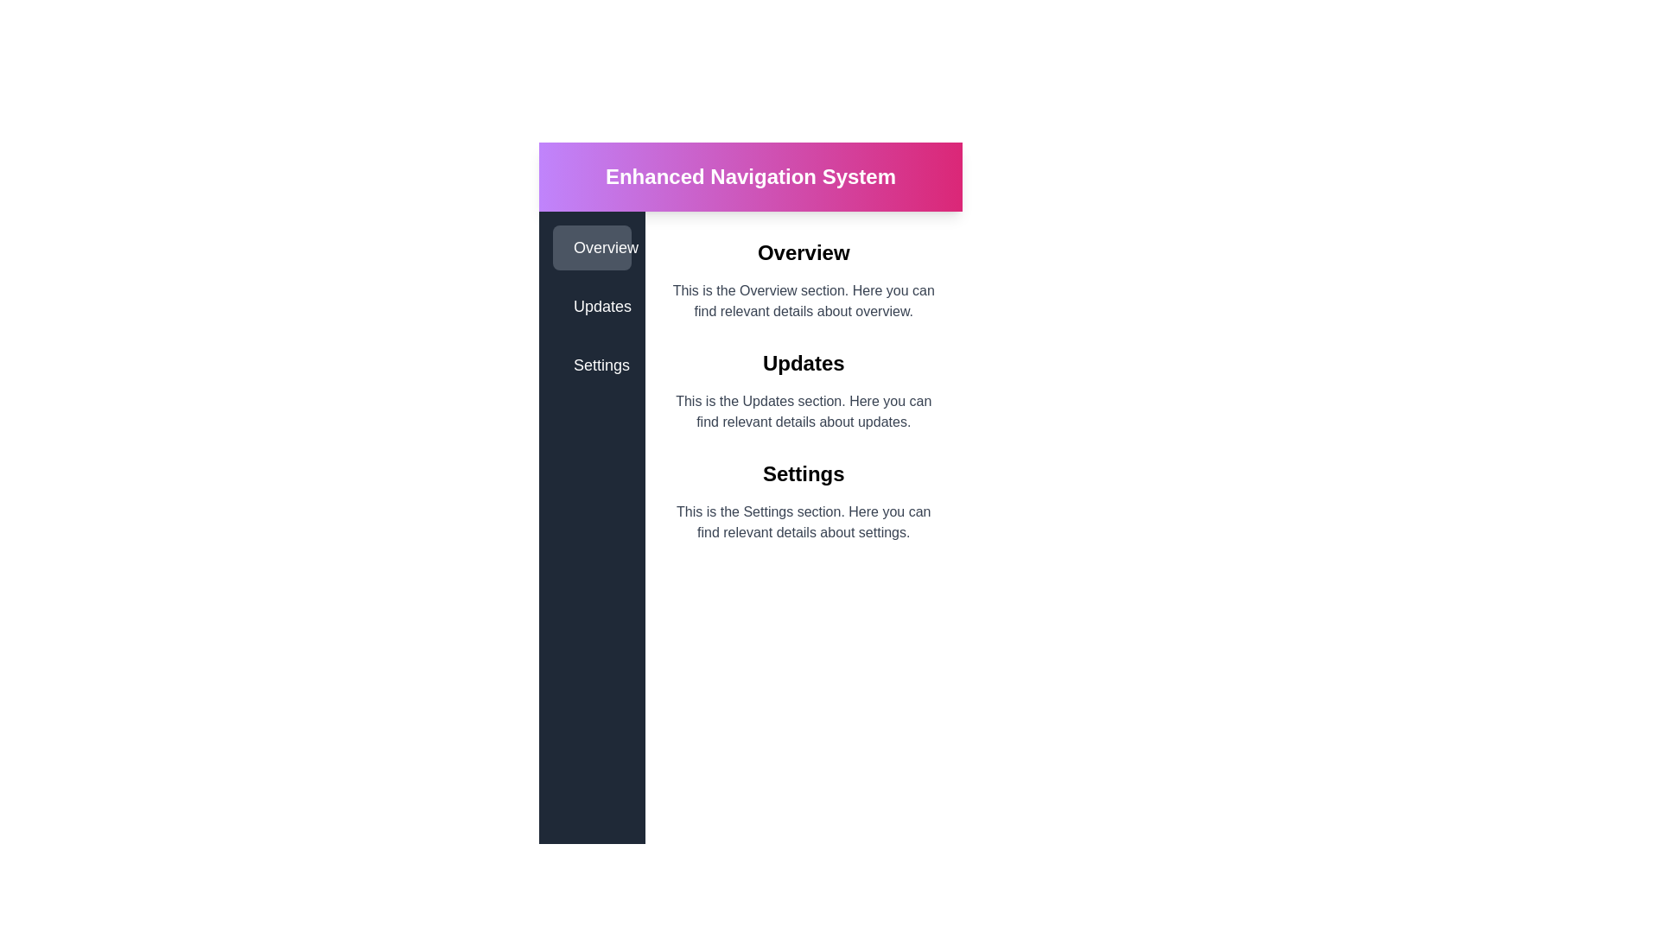 Image resolution: width=1659 pixels, height=933 pixels. I want to click on the bold text label 'Enhanced Navigation System' to potentially trigger visual effects, so click(750, 176).